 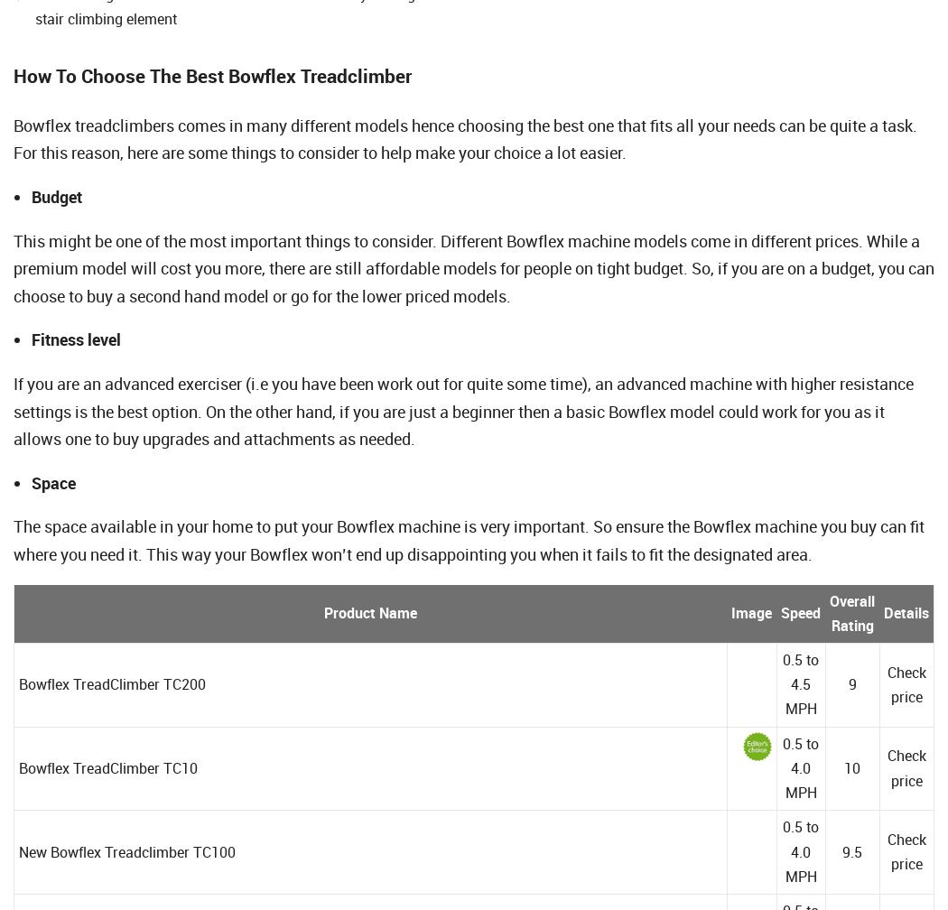 What do you see at coordinates (800, 684) in the screenshot?
I see `'0.5 to 4.5 MPH'` at bounding box center [800, 684].